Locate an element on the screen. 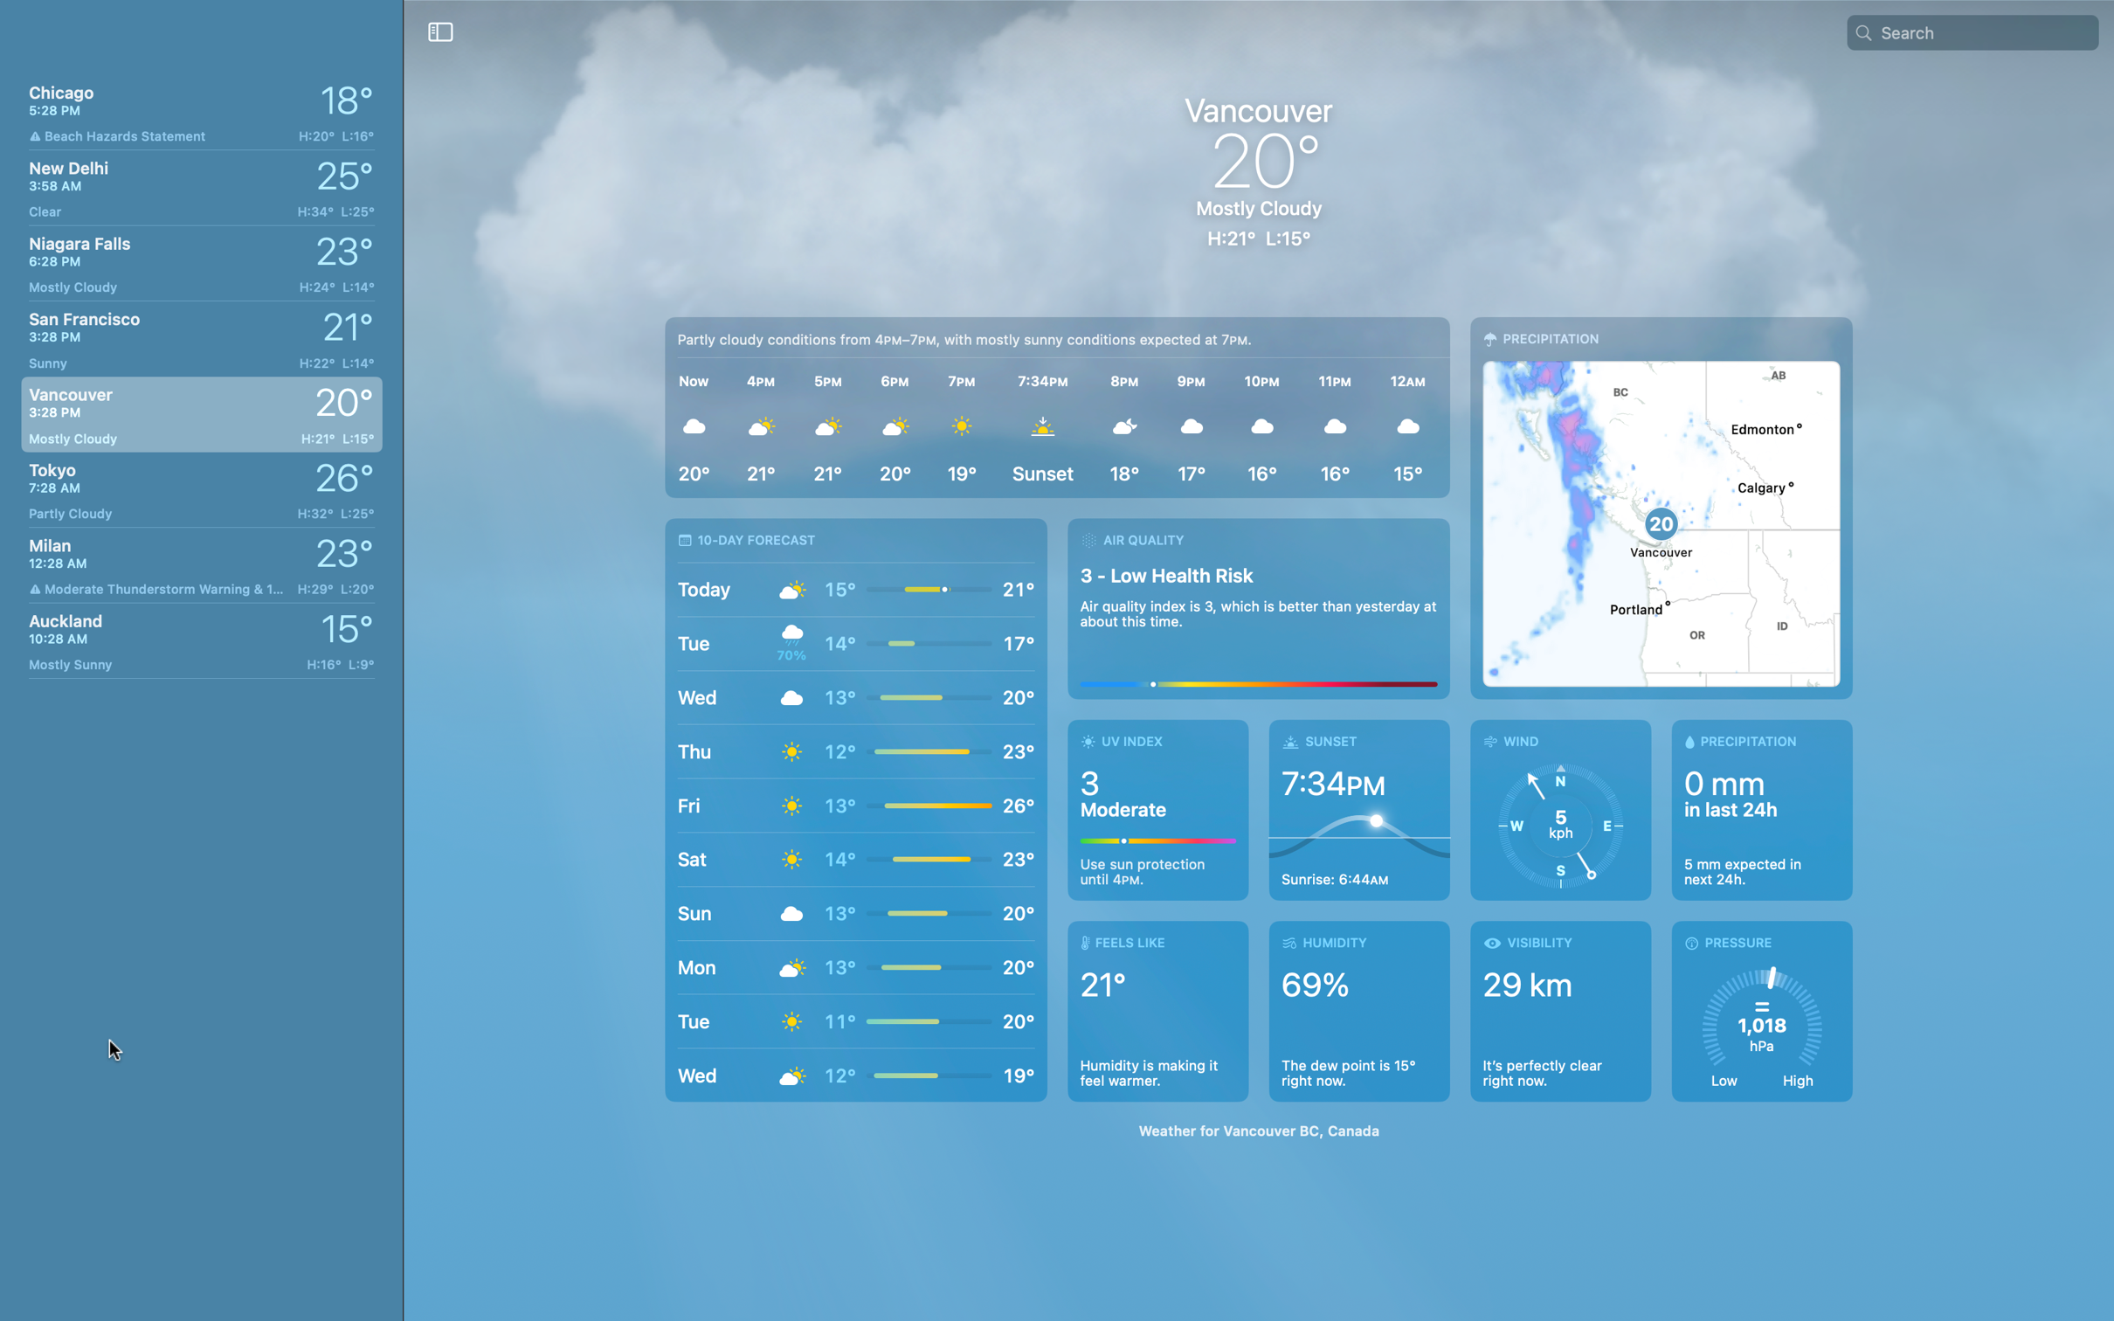  View the 10 day forecast Vancouver is located at coordinates (855, 809).